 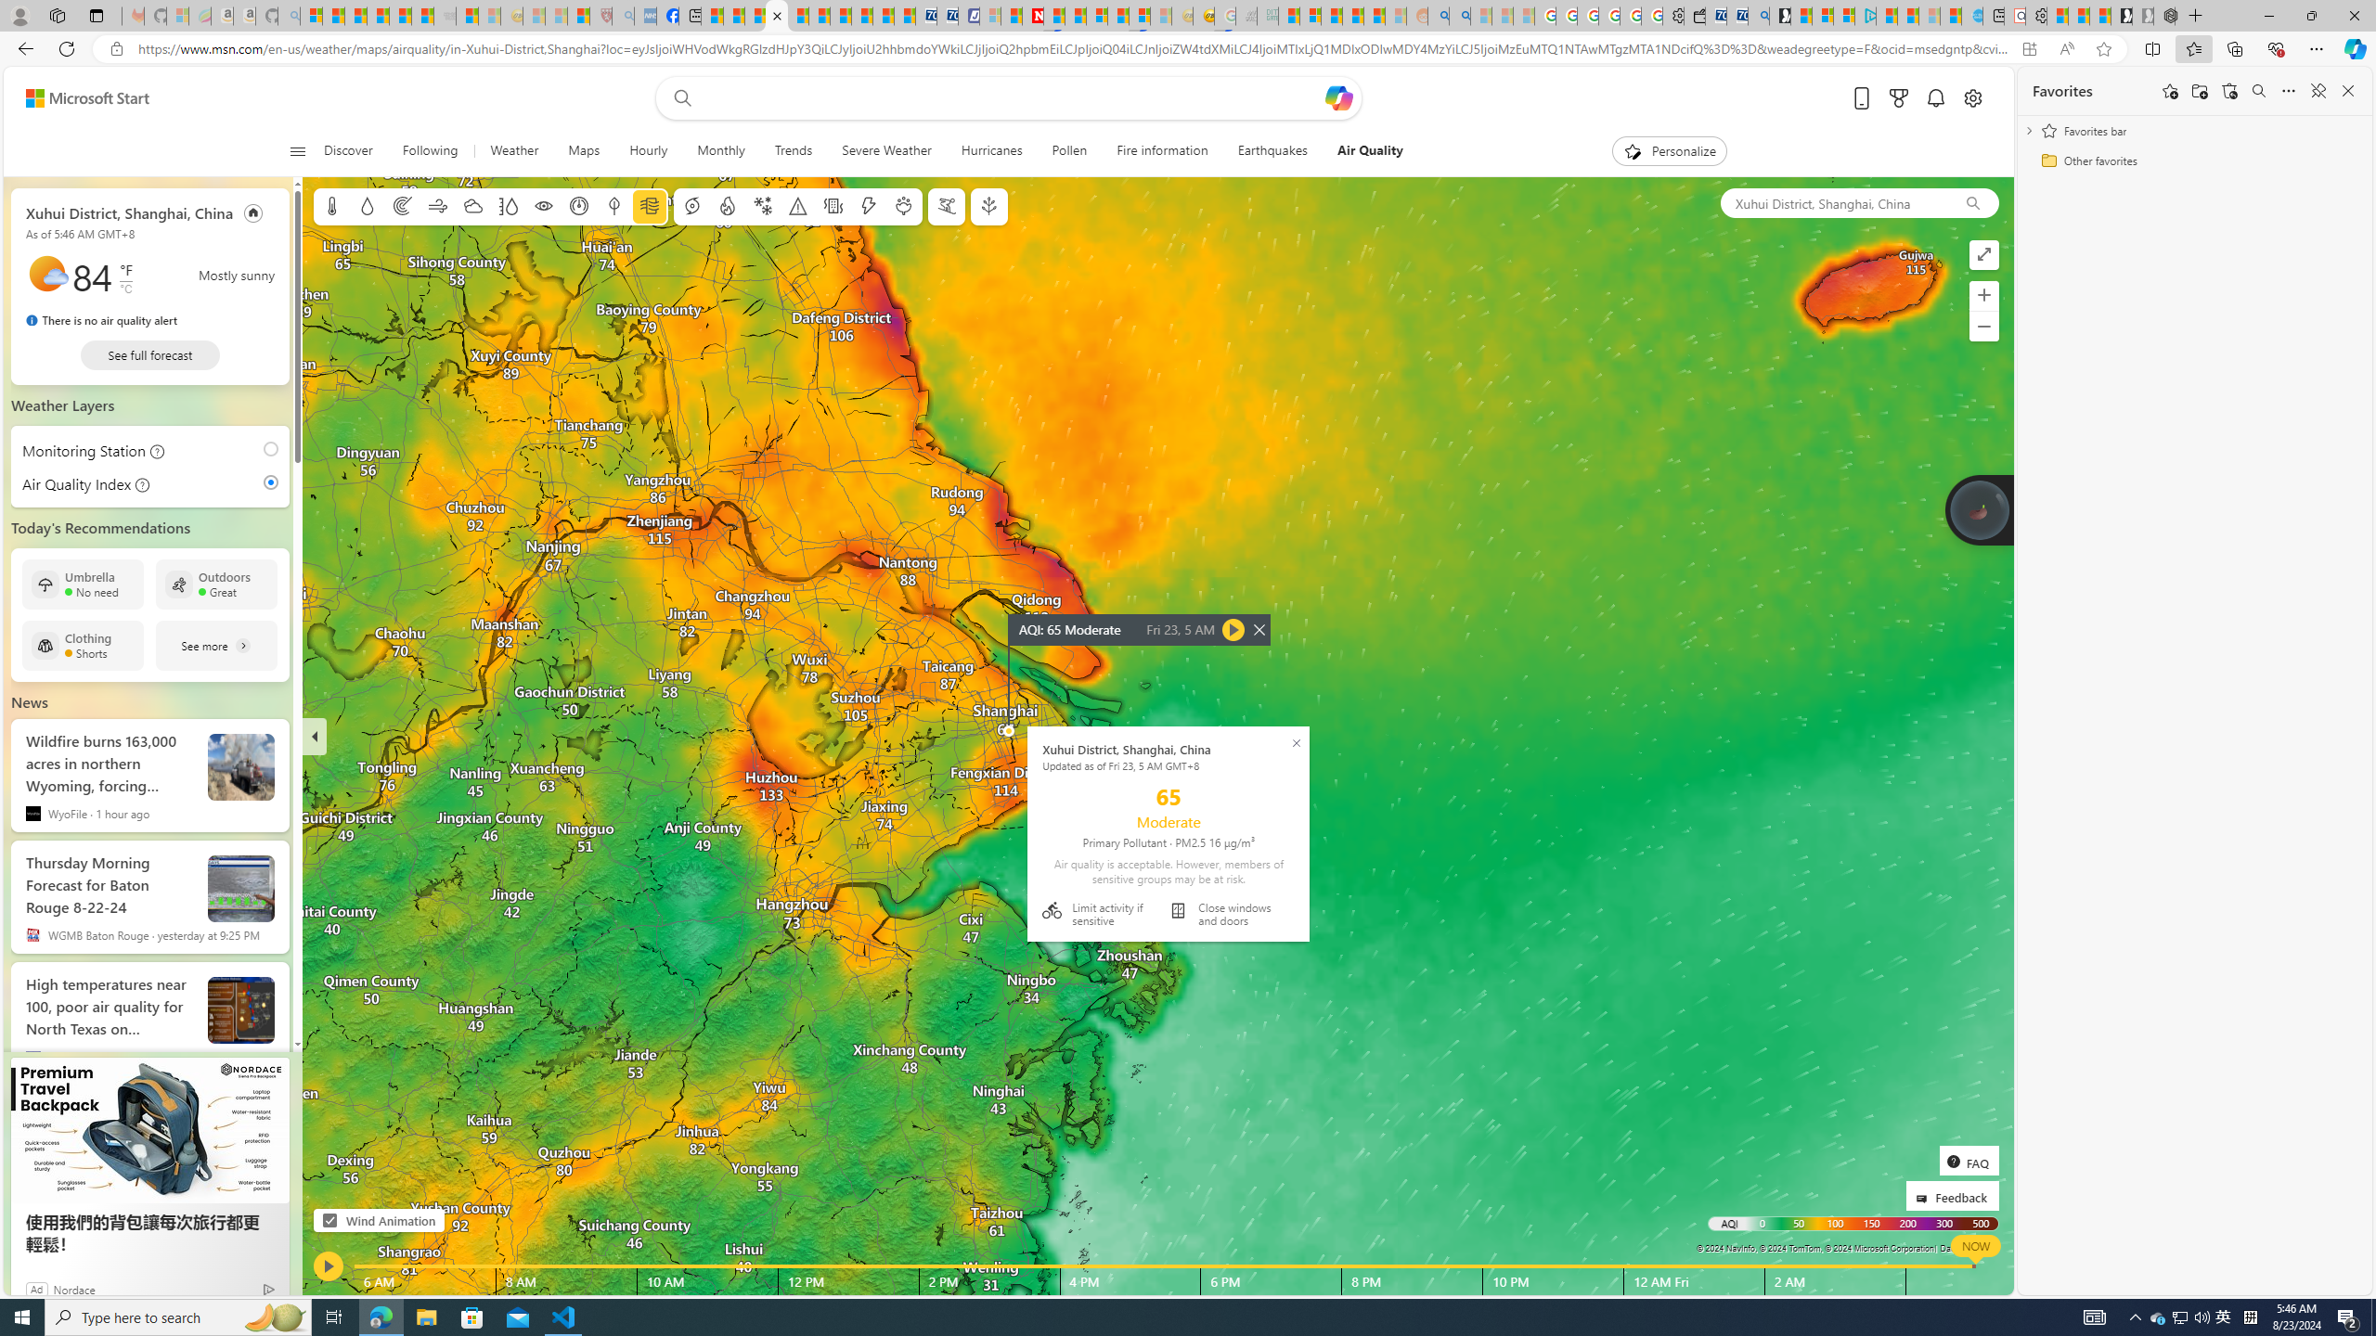 What do you see at coordinates (150, 354) in the screenshot?
I see `'See full forecast'` at bounding box center [150, 354].